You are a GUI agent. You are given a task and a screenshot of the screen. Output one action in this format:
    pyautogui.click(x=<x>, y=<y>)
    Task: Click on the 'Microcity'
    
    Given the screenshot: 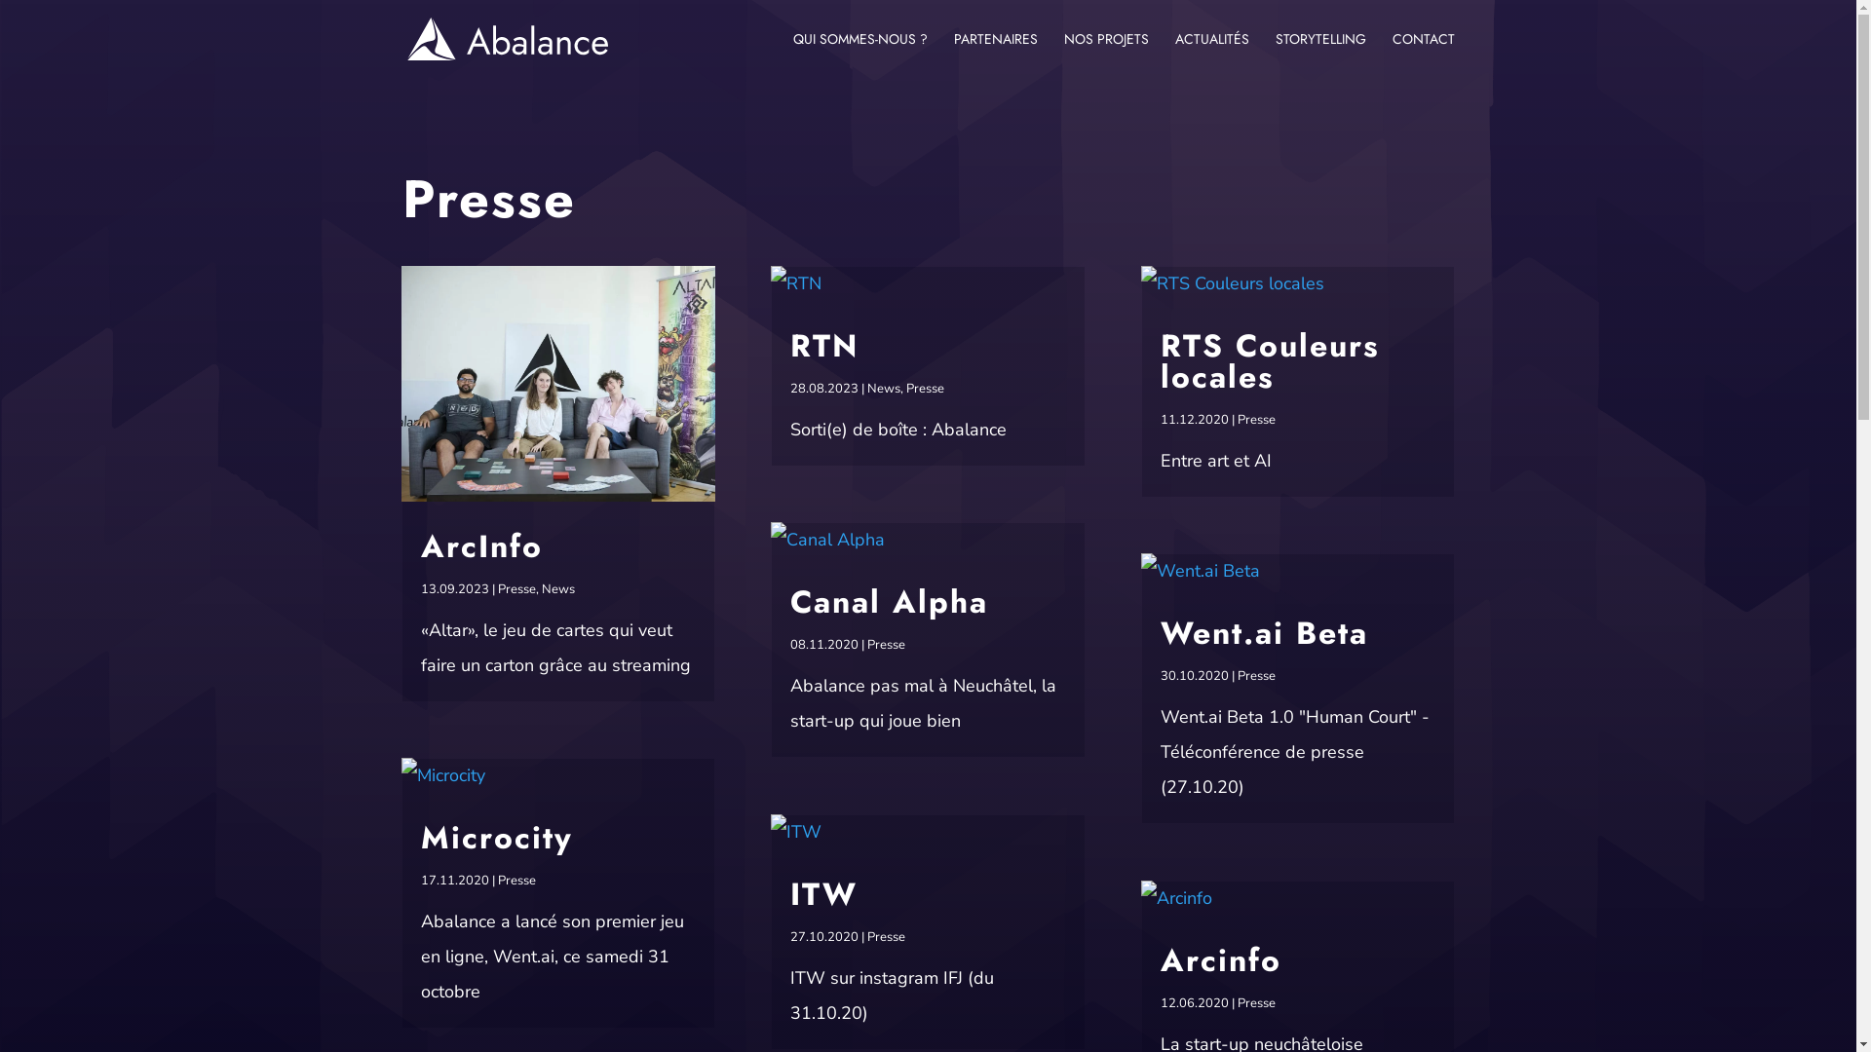 What is the action you would take?
    pyautogui.click(x=496, y=837)
    